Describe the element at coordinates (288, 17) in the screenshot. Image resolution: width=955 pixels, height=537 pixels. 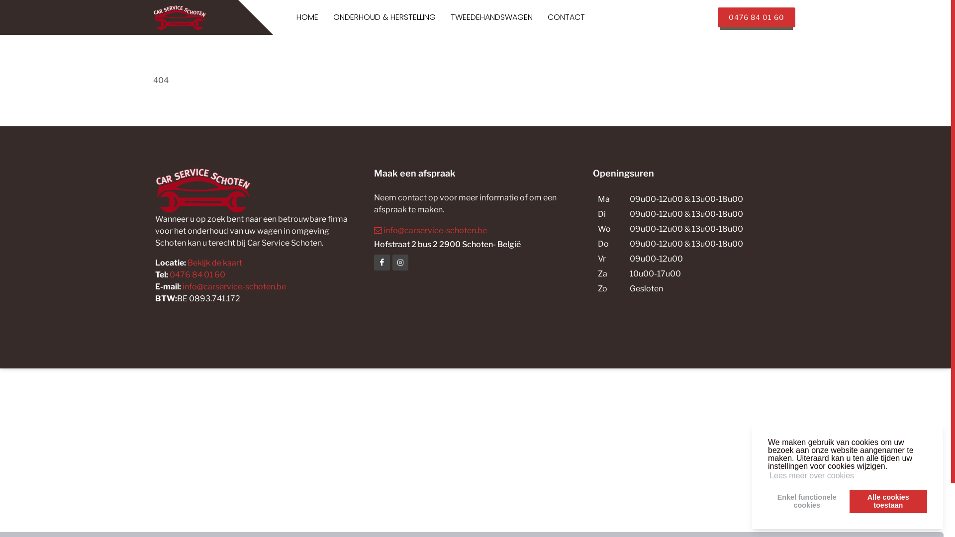
I see `'HOME'` at that location.